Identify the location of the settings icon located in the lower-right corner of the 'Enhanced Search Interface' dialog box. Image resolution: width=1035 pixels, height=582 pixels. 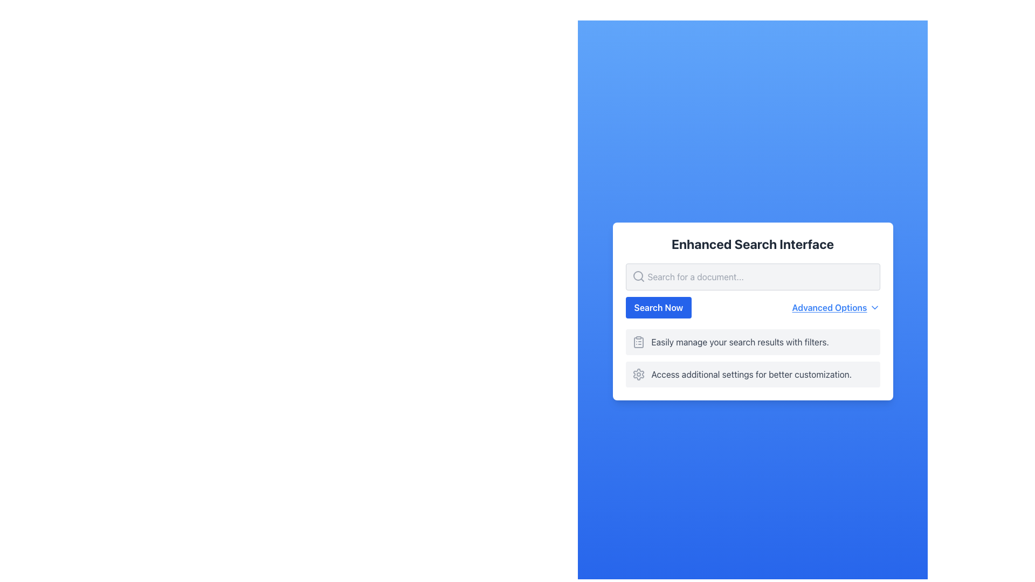
(638, 373).